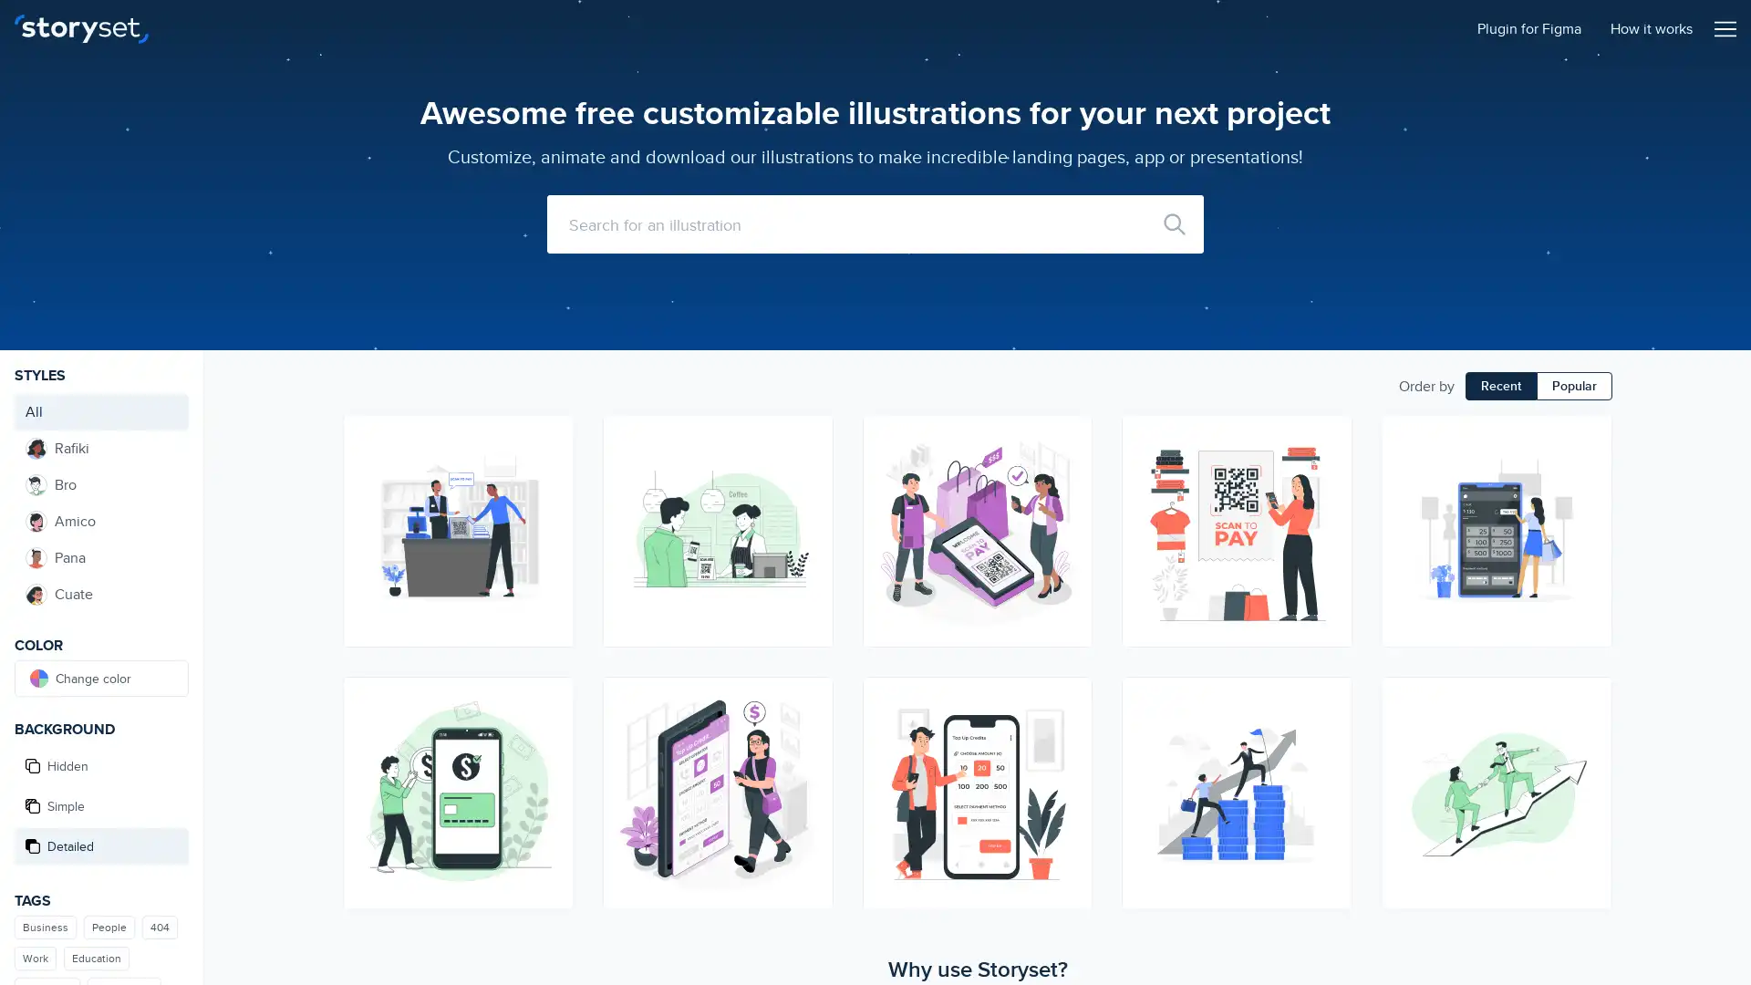 This screenshot has width=1751, height=985. Describe the element at coordinates (1588, 698) in the screenshot. I see `wand icon Animate` at that location.